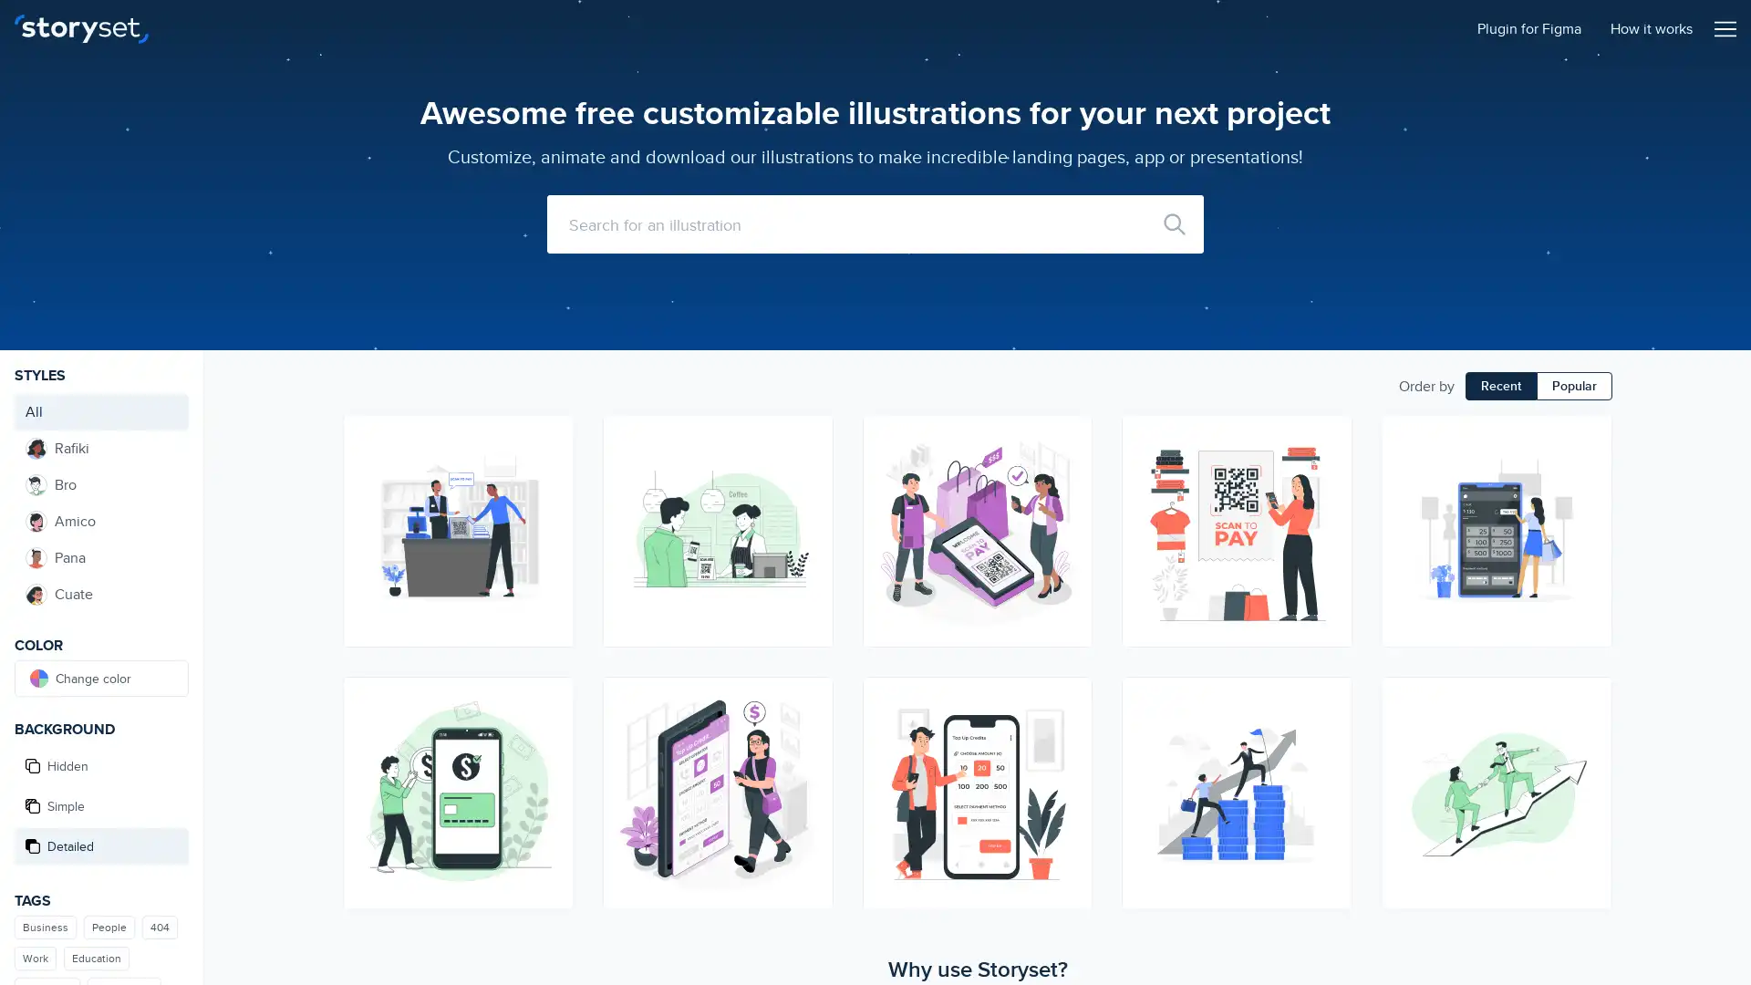 This screenshot has width=1751, height=985. Describe the element at coordinates (1588, 698) in the screenshot. I see `wand icon Animate` at that location.